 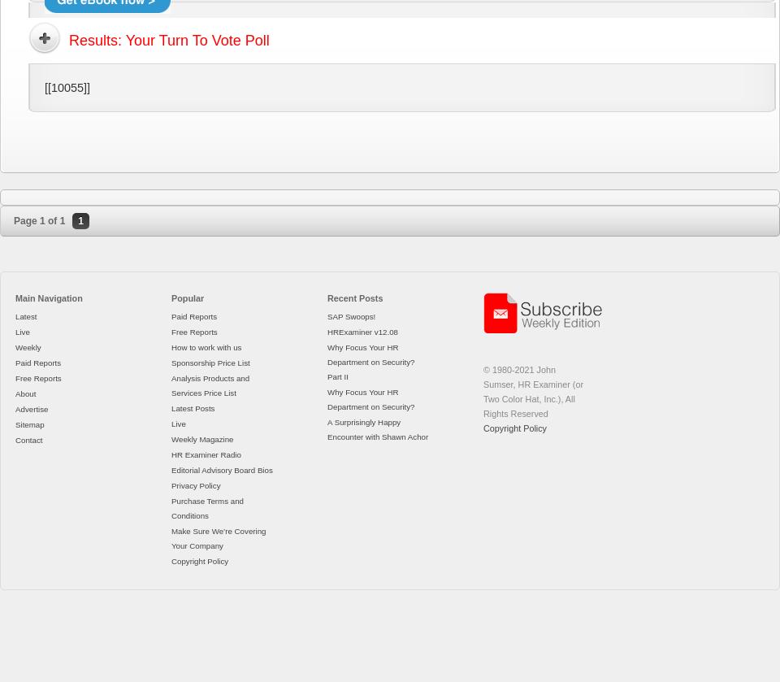 What do you see at coordinates (351, 316) in the screenshot?
I see `'SAP Swoops!'` at bounding box center [351, 316].